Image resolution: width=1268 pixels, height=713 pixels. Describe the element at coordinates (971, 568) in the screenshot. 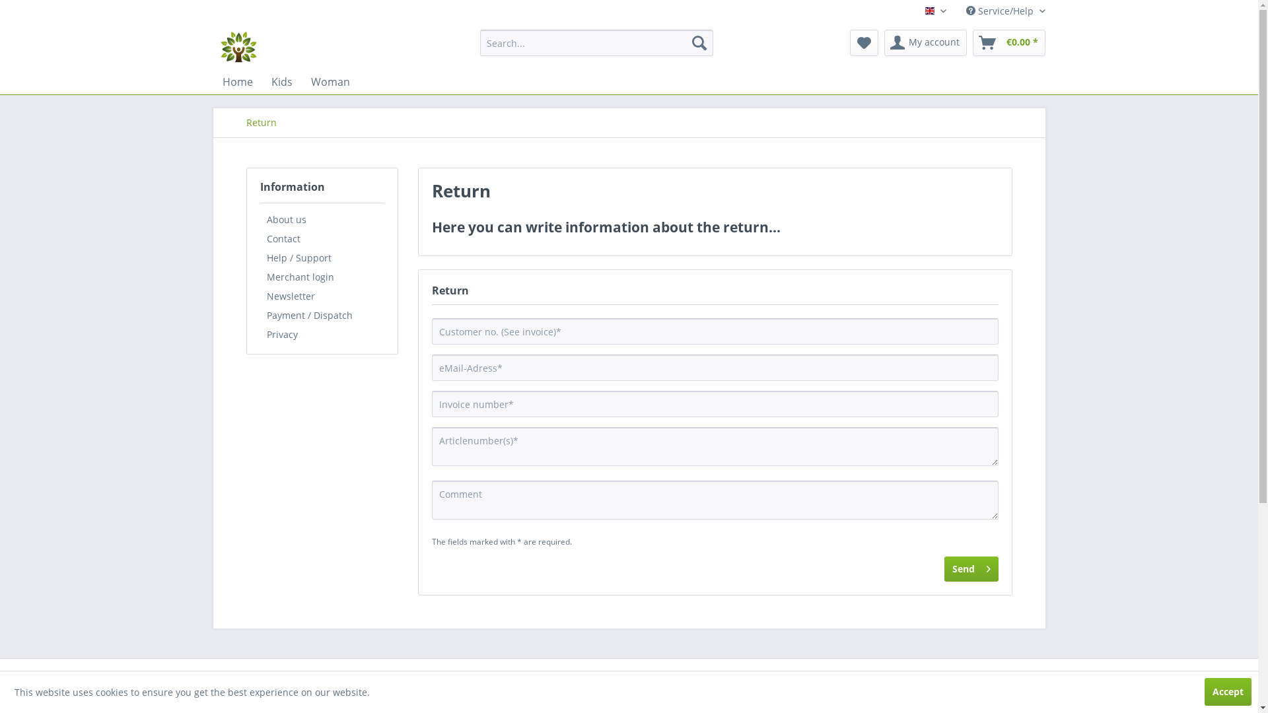

I see `'Send'` at that location.